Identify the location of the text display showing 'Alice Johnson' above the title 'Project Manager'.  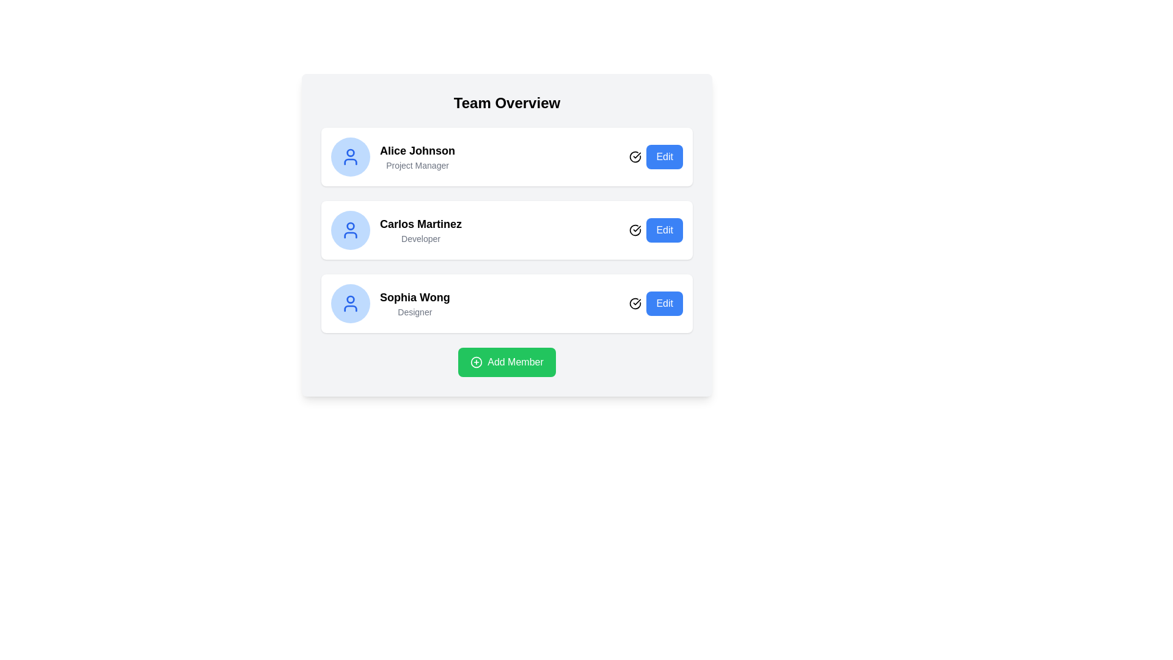
(417, 156).